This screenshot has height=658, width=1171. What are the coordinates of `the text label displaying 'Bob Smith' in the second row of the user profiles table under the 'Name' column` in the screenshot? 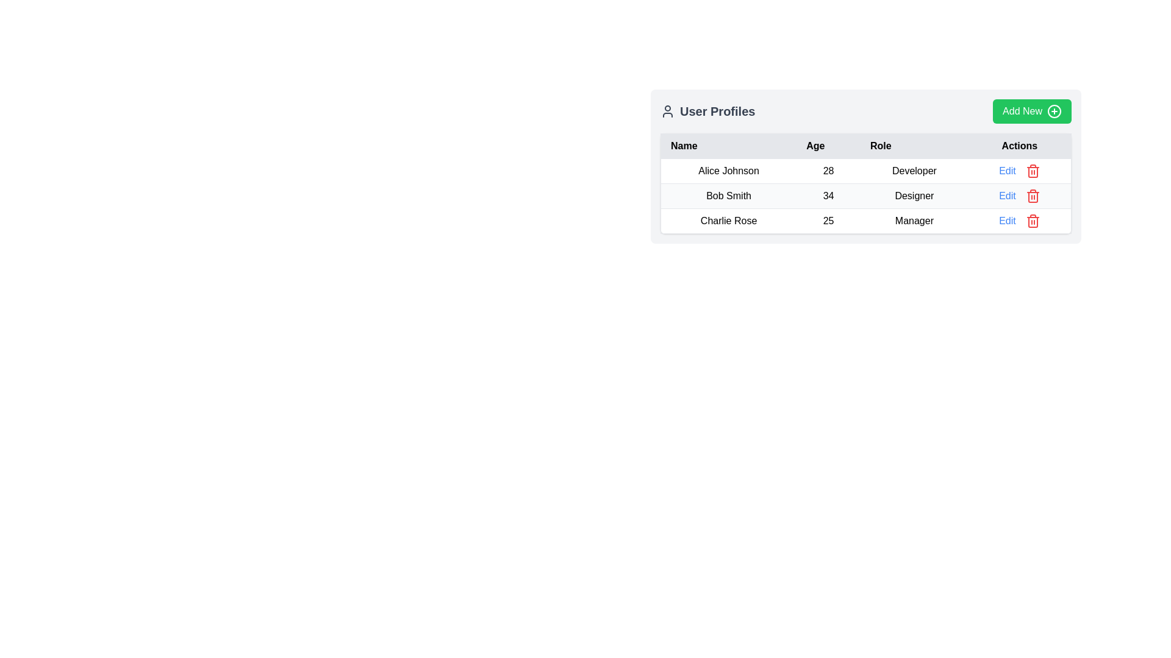 It's located at (728, 195).